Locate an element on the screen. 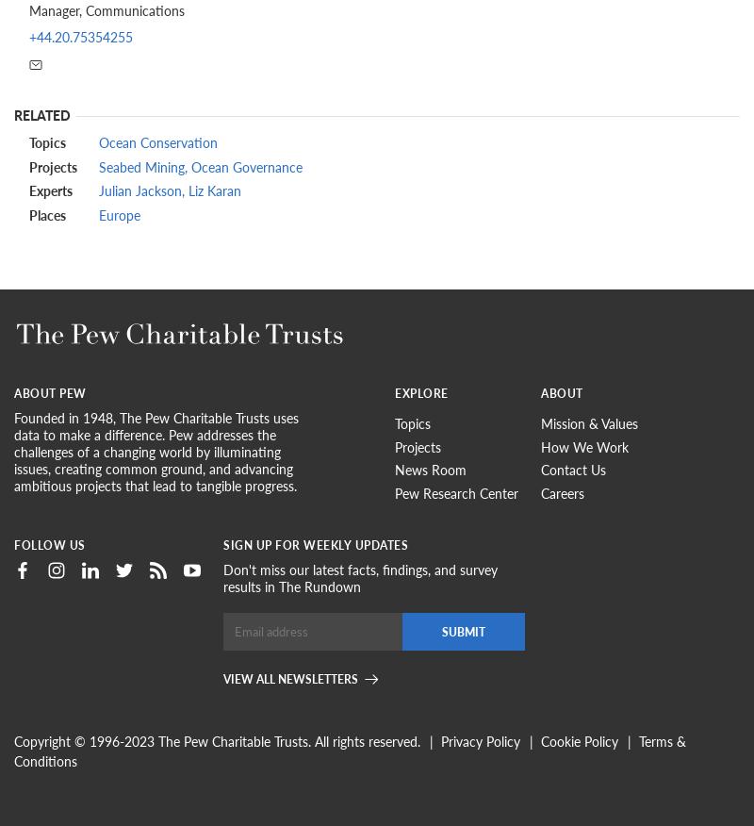 The image size is (754, 826). 'Don't miss our latest facts, findings, and survey results in The Rundown' is located at coordinates (359, 578).